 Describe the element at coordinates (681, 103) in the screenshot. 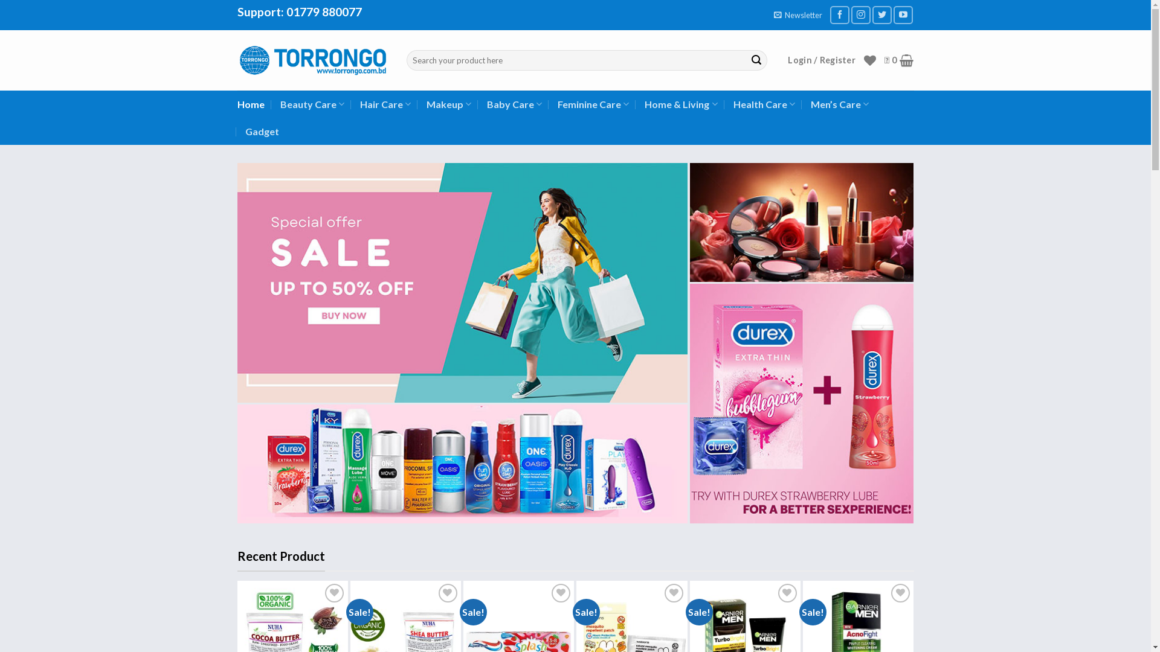

I see `'Home & Living'` at that location.